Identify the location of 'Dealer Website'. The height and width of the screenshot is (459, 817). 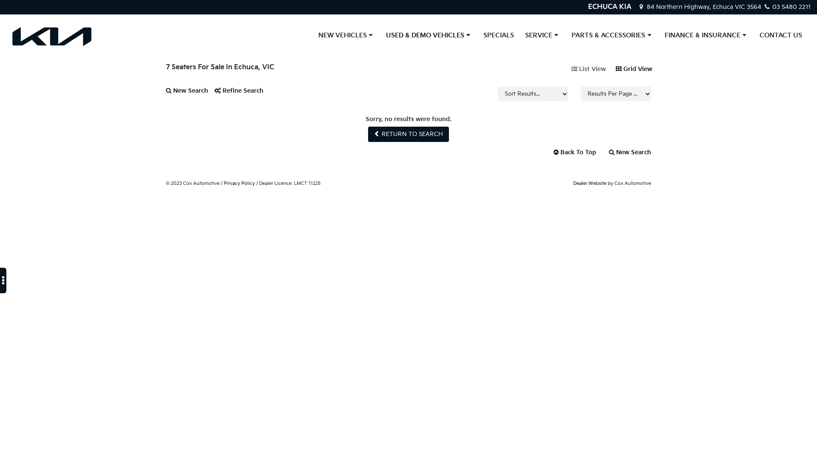
(573, 183).